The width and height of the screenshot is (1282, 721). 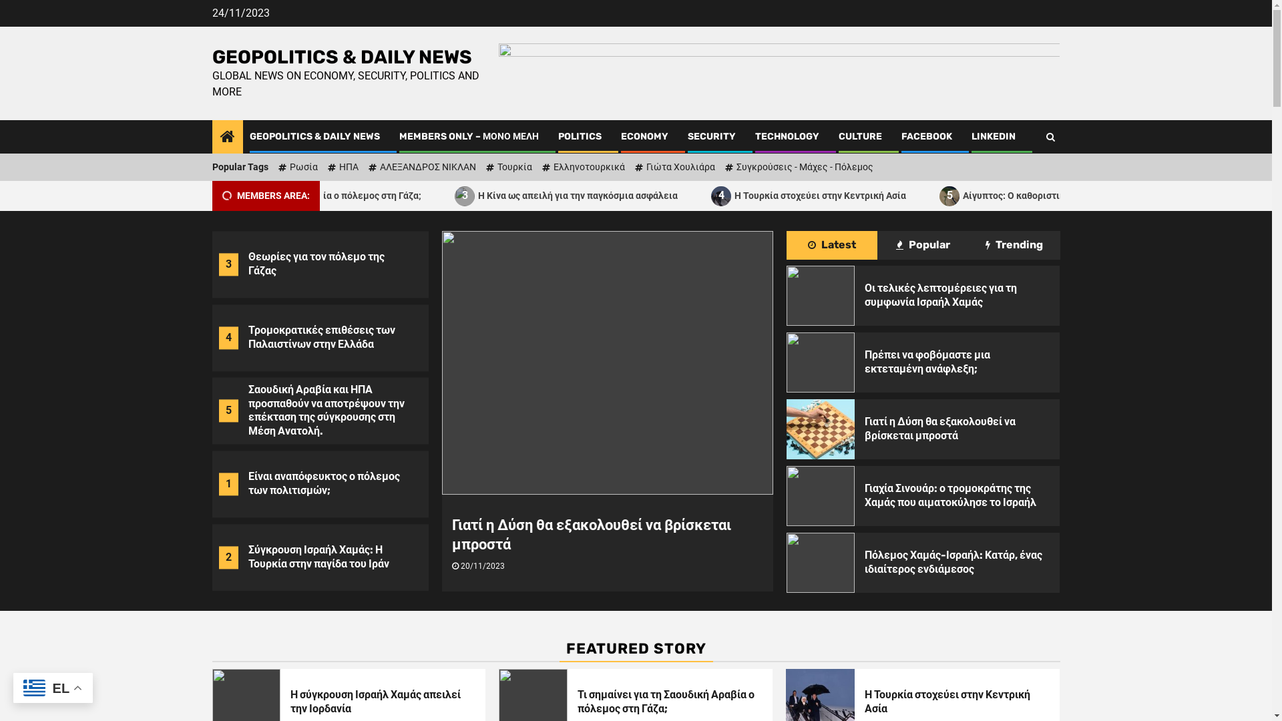 I want to click on 'CULTURE', so click(x=860, y=136).